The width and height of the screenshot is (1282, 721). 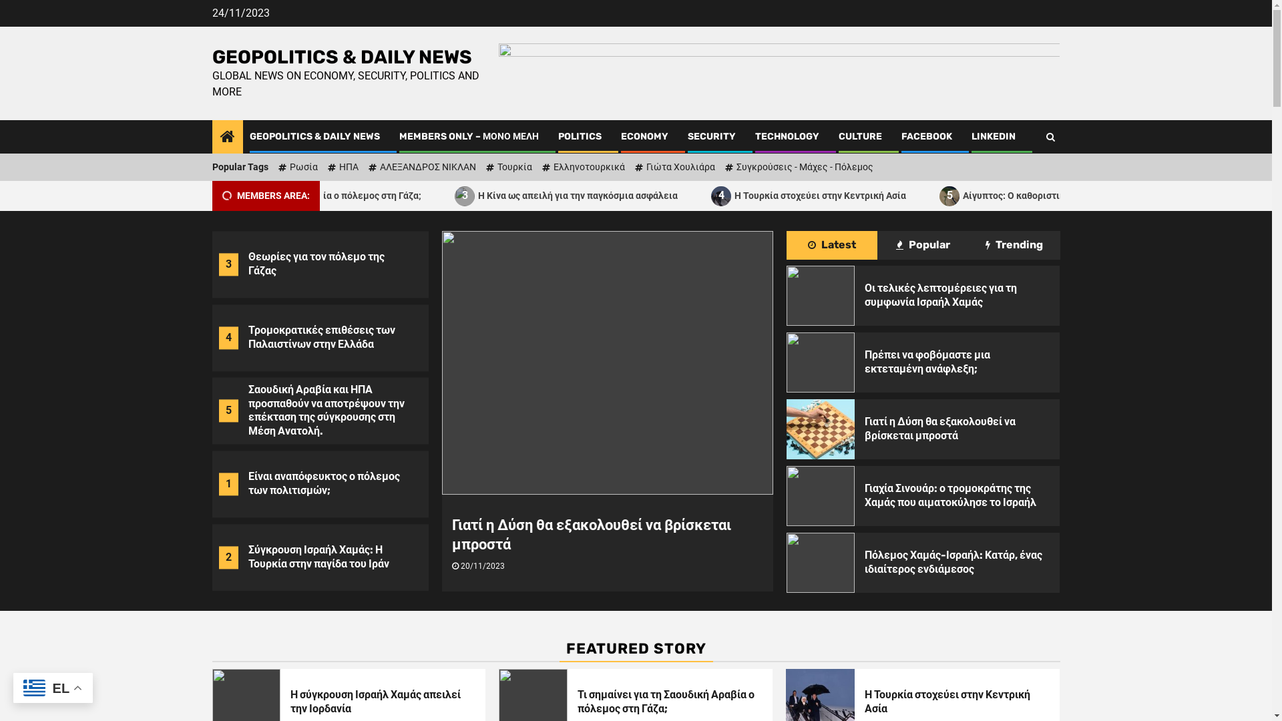 I want to click on 'CULTURE', so click(x=860, y=136).